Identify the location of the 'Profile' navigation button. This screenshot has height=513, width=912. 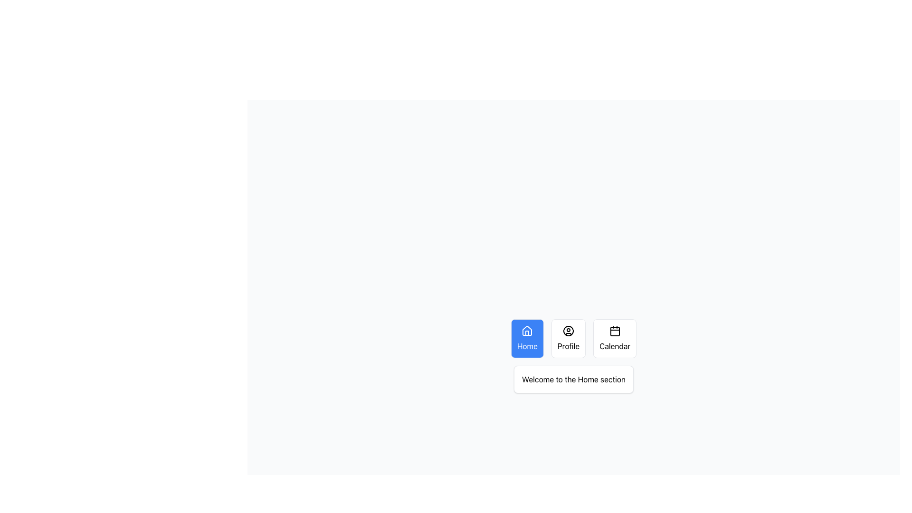
(569, 338).